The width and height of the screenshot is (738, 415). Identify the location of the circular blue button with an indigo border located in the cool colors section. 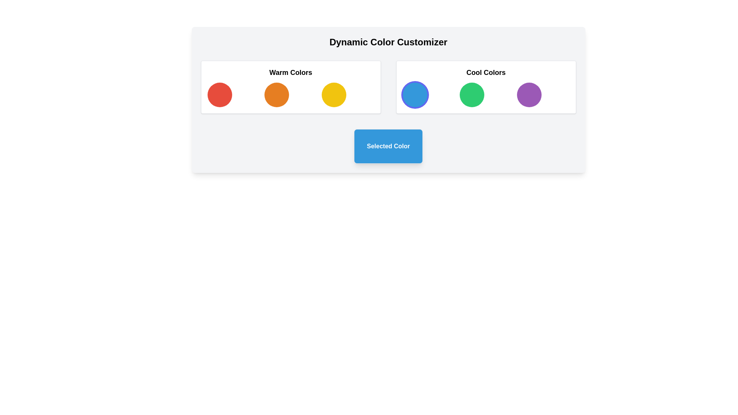
(414, 94).